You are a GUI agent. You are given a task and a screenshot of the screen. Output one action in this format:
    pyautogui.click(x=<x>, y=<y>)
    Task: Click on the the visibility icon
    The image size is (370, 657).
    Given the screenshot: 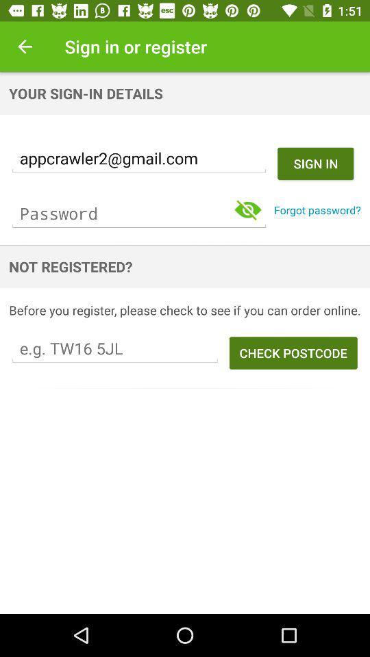 What is the action you would take?
    pyautogui.click(x=247, y=210)
    